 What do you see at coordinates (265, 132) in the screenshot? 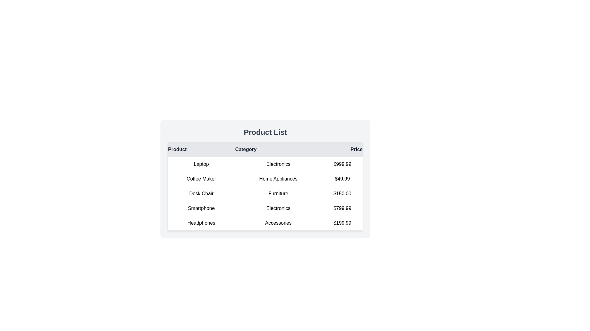
I see `the bolded header text 'Product List' in dark gray color, located at the top of a light gray rounded-corner panel` at bounding box center [265, 132].